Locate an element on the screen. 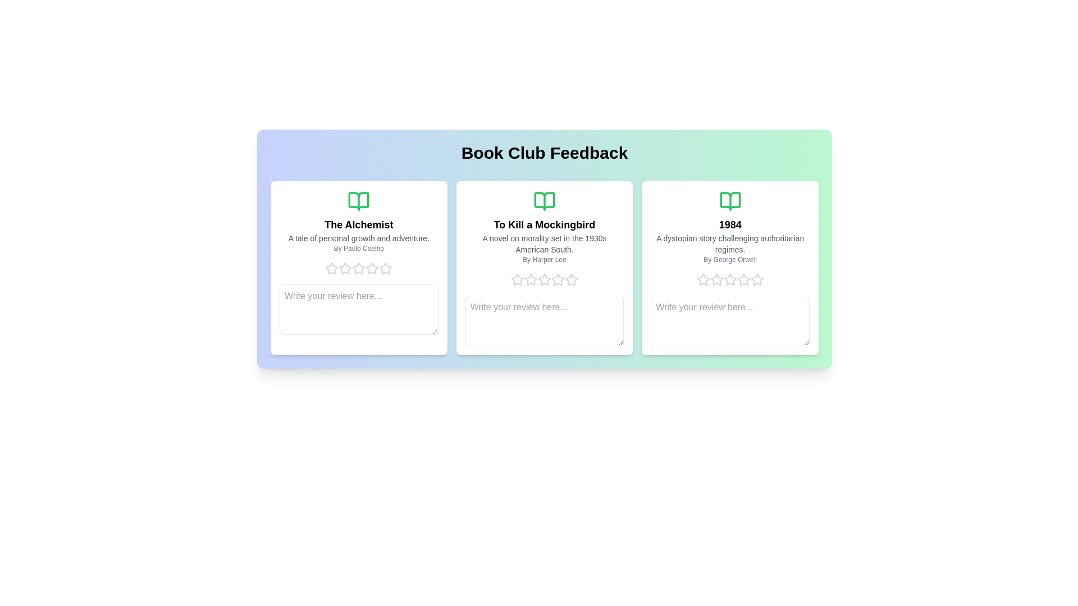 The height and width of the screenshot is (606, 1078). the fourth star icon button for rating, located below the title 'The Alchemist' is located at coordinates (372, 268).